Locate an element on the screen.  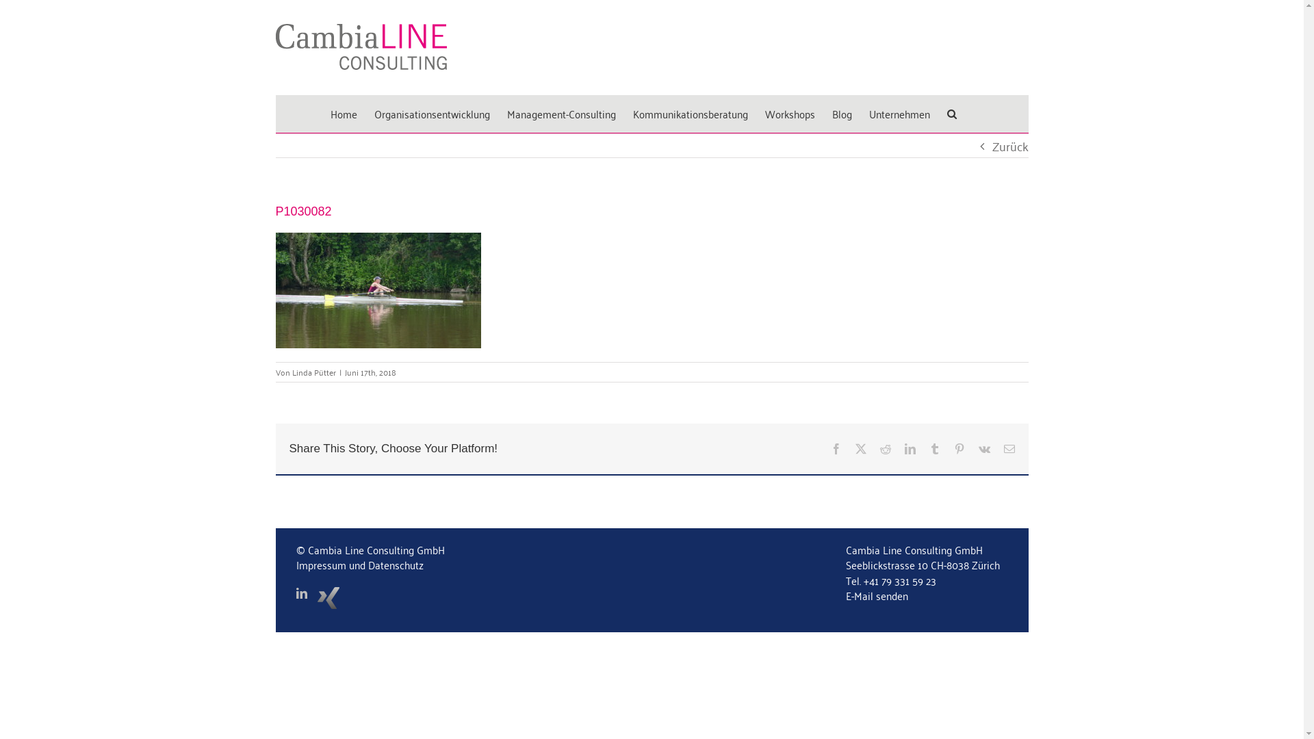
'Twitter' is located at coordinates (860, 448).